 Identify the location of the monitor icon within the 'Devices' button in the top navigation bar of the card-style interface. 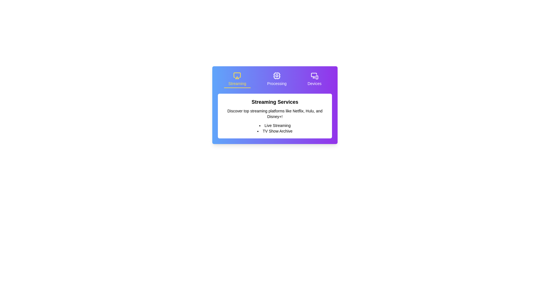
(314, 75).